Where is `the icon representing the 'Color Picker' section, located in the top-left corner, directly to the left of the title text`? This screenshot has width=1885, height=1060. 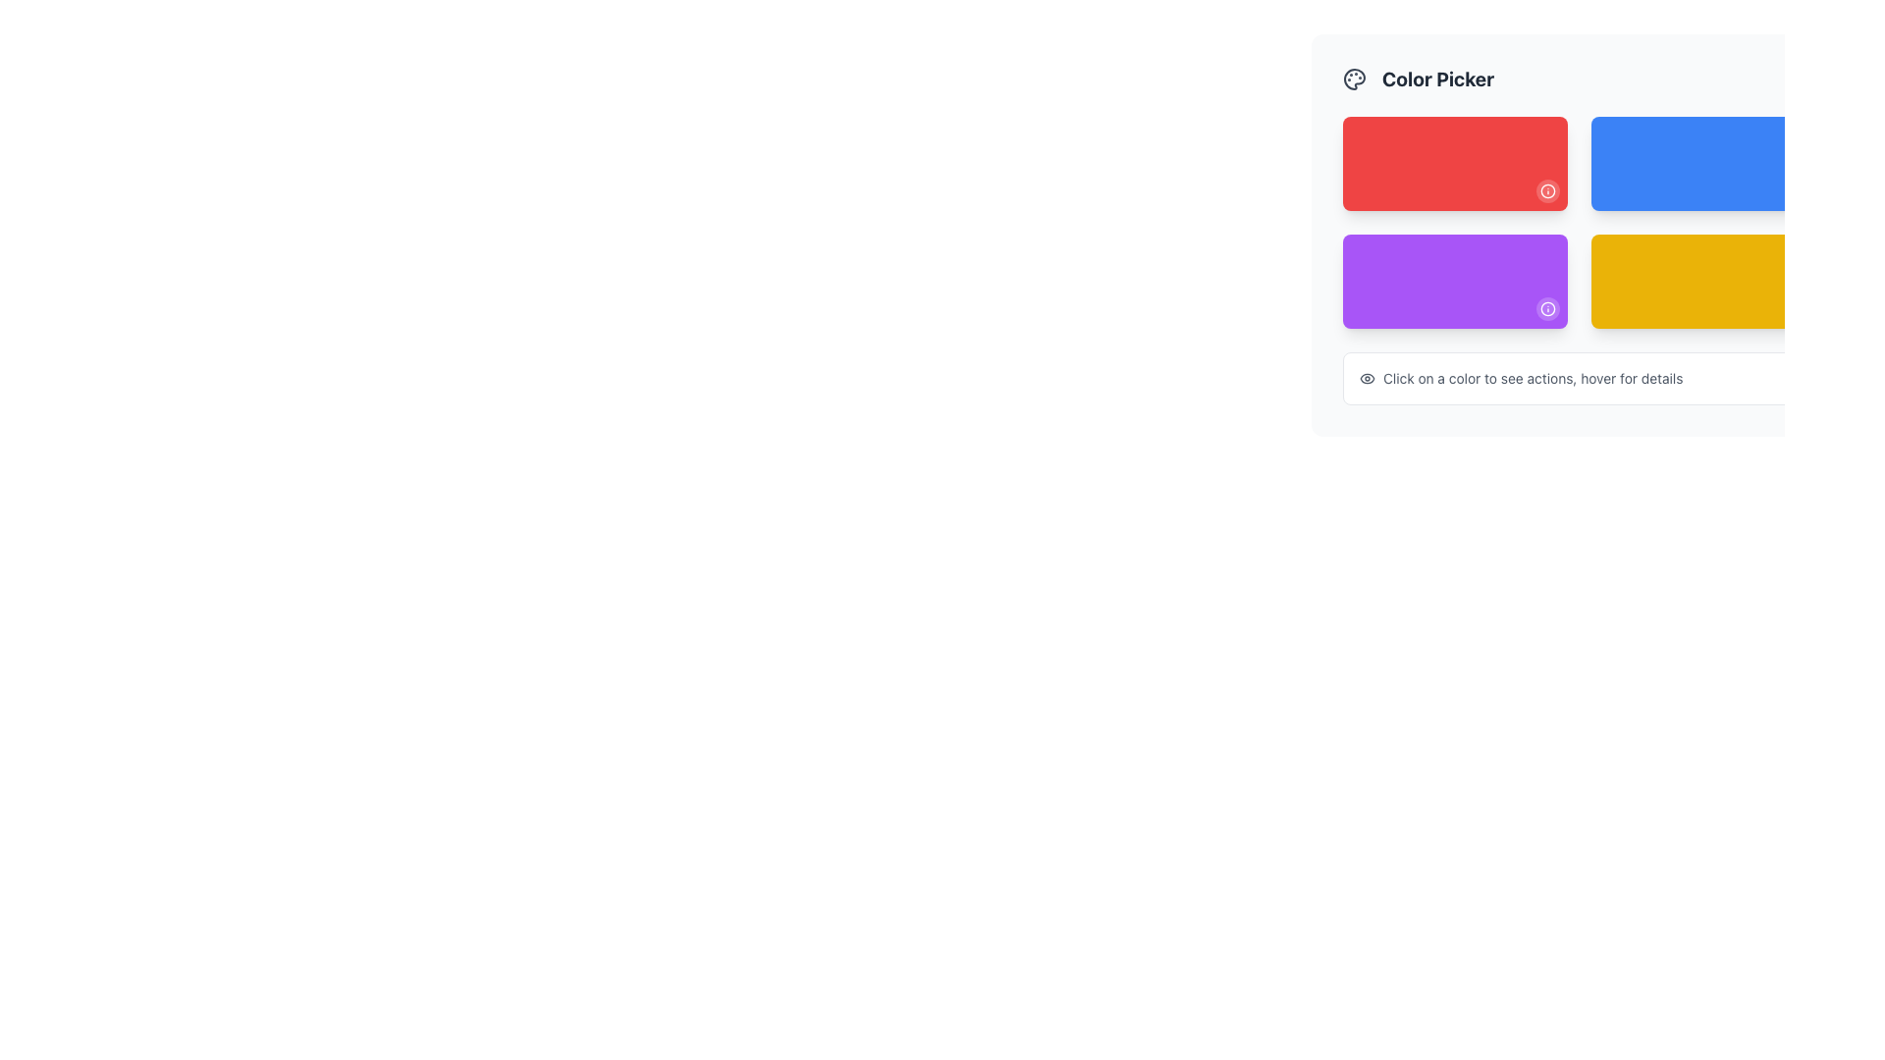 the icon representing the 'Color Picker' section, located in the top-left corner, directly to the left of the title text is located at coordinates (1354, 79).